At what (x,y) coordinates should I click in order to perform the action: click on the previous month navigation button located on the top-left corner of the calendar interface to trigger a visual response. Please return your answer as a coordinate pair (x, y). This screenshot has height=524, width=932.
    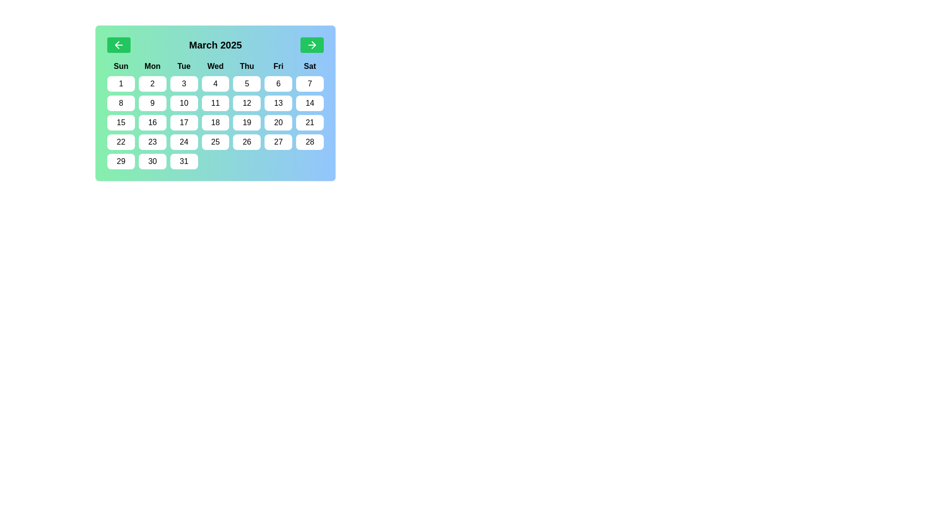
    Looking at the image, I should click on (118, 45).